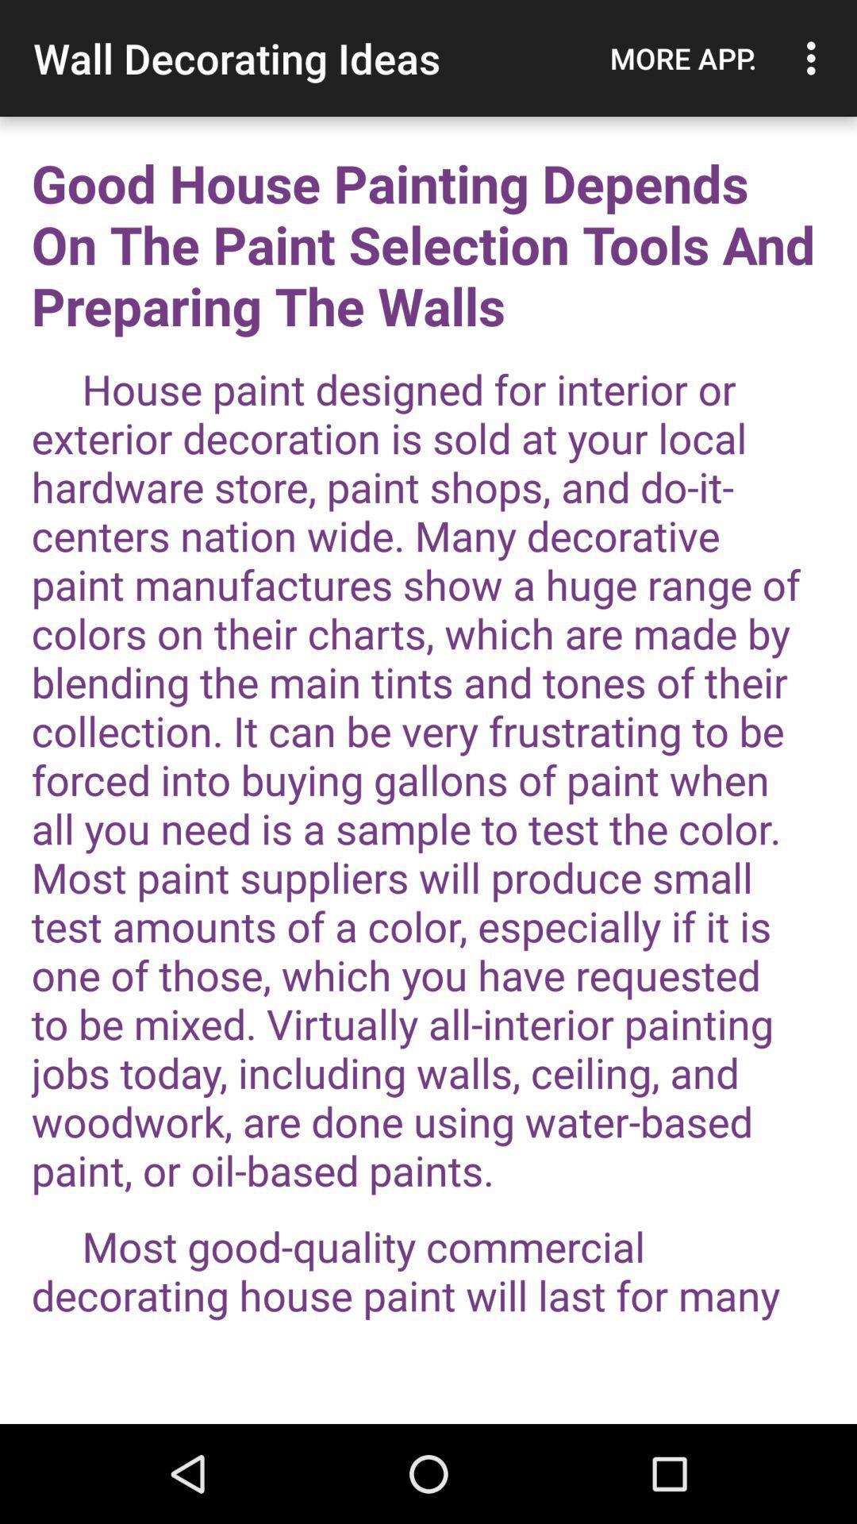  Describe the element at coordinates (815, 58) in the screenshot. I see `icon to the right of the more app. icon` at that location.